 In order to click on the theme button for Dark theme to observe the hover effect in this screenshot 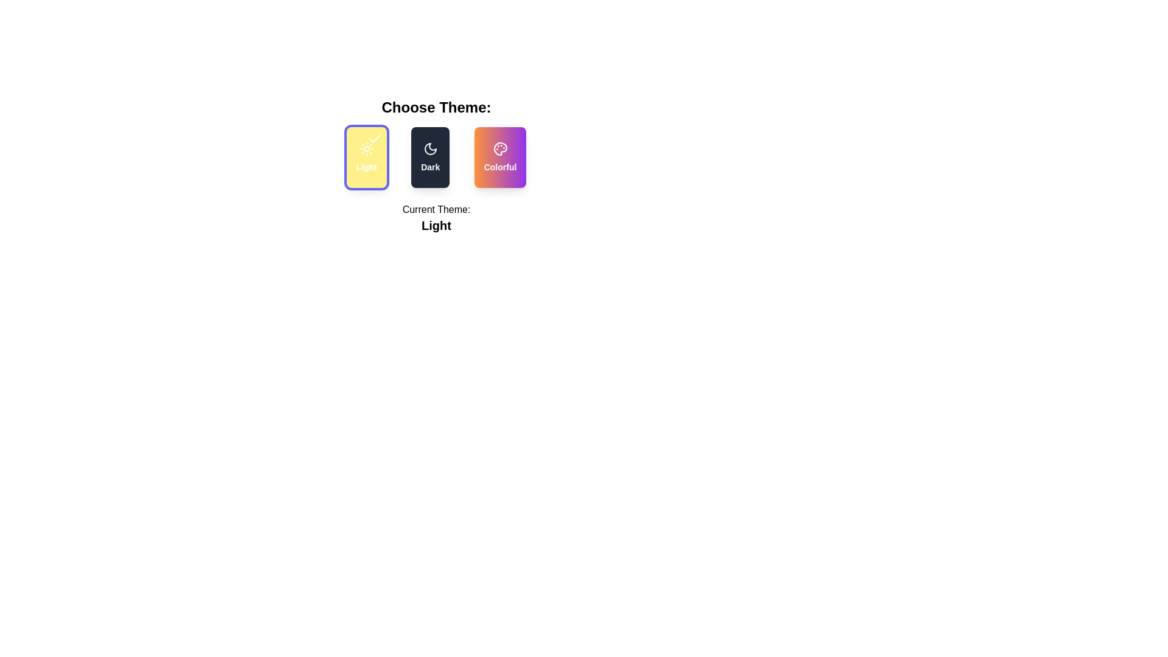, I will do `click(430, 156)`.